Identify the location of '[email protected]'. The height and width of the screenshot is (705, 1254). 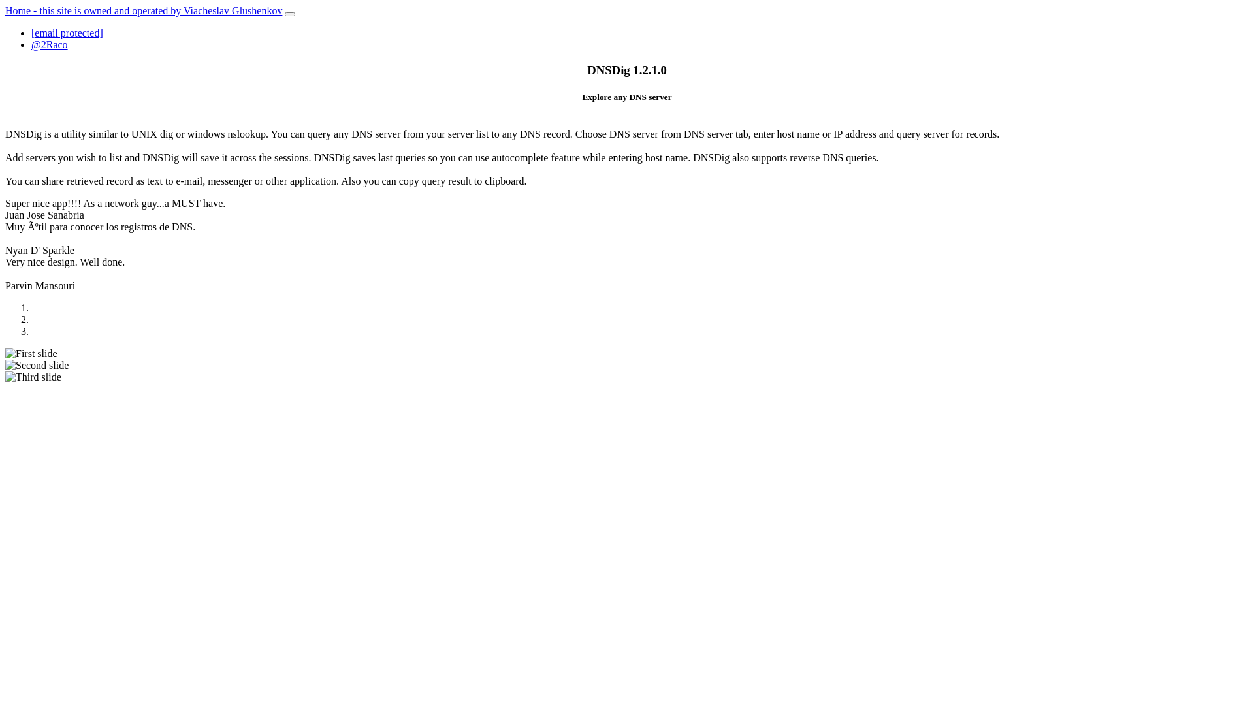
(66, 32).